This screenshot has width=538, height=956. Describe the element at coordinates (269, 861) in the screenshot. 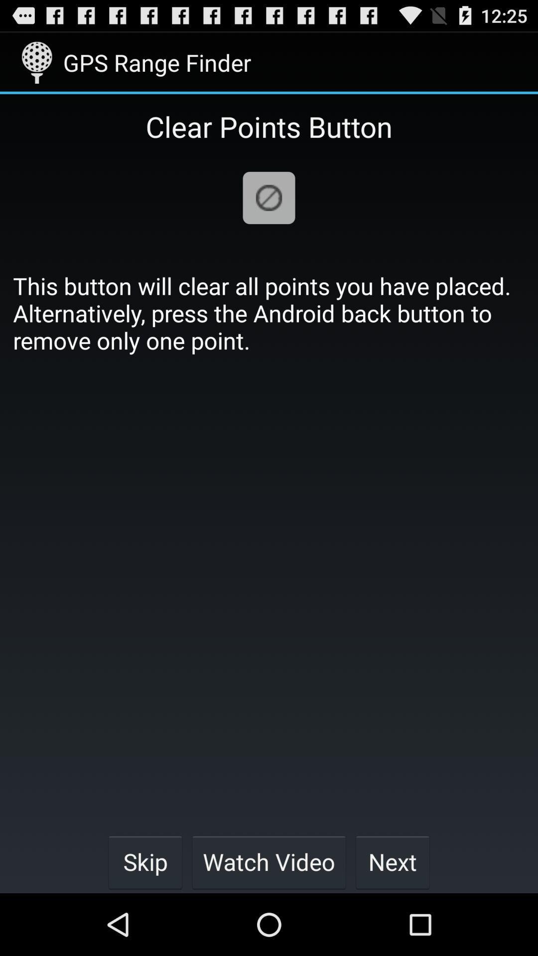

I see `item next to skip item` at that location.